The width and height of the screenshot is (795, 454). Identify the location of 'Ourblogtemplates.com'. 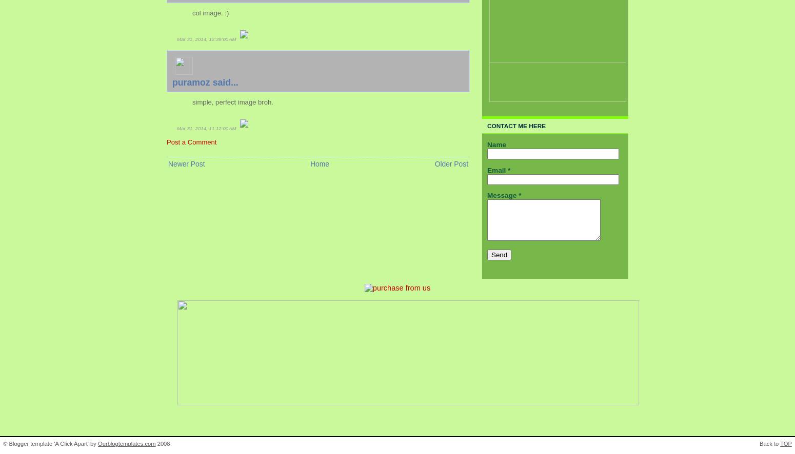
(97, 443).